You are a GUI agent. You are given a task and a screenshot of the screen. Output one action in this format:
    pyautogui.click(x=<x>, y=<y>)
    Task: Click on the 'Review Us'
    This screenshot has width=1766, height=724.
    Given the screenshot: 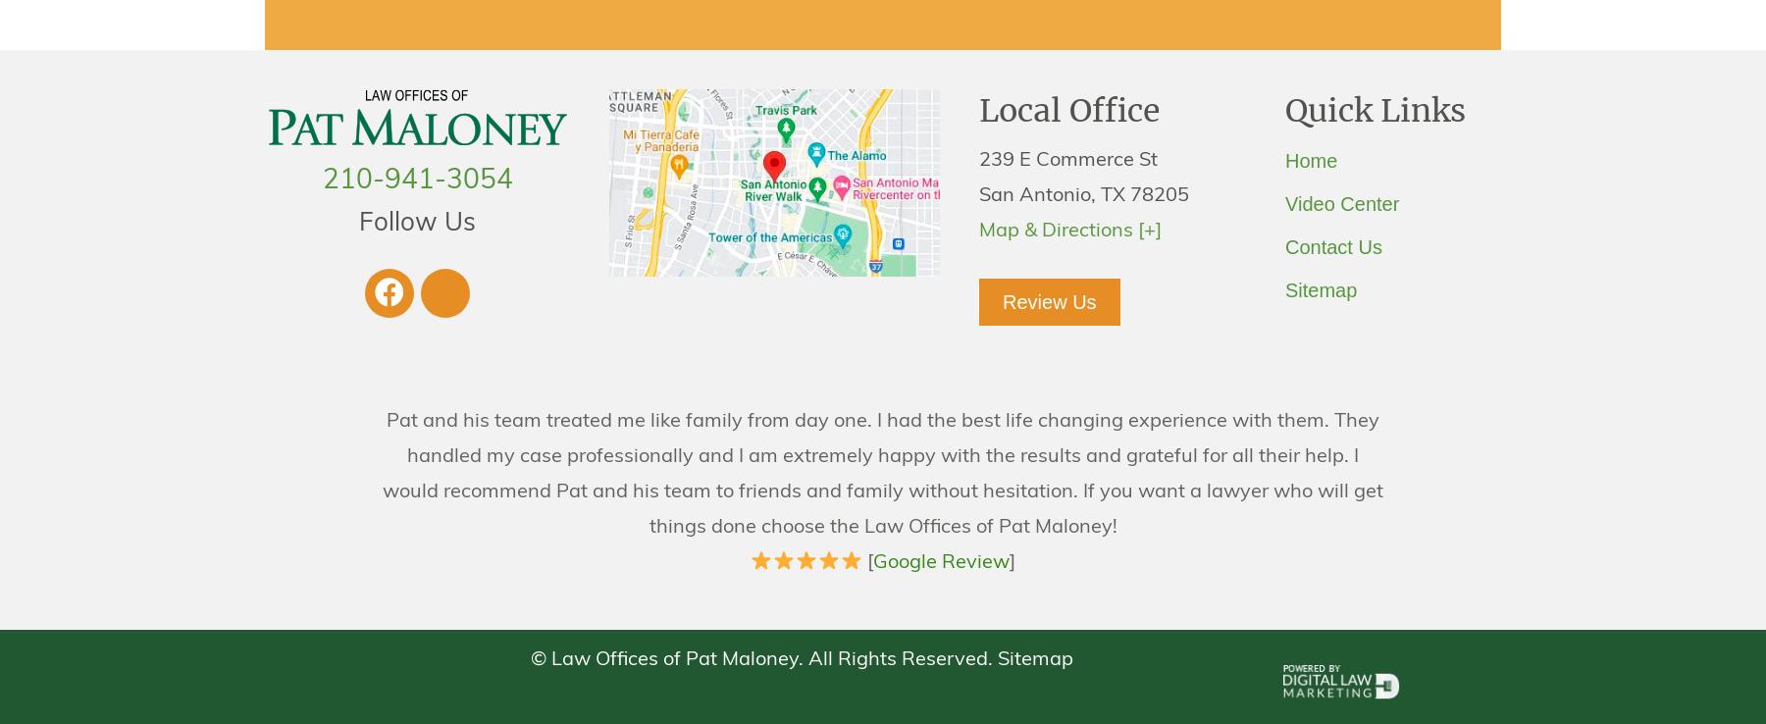 What is the action you would take?
    pyautogui.click(x=1049, y=300)
    